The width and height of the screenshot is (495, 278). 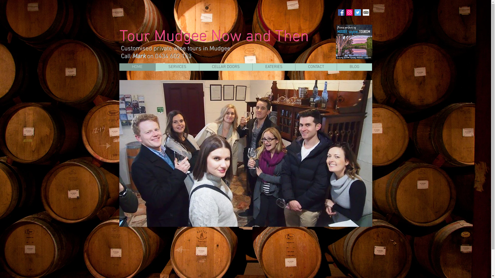 What do you see at coordinates (177, 67) in the screenshot?
I see `'SERVICES'` at bounding box center [177, 67].